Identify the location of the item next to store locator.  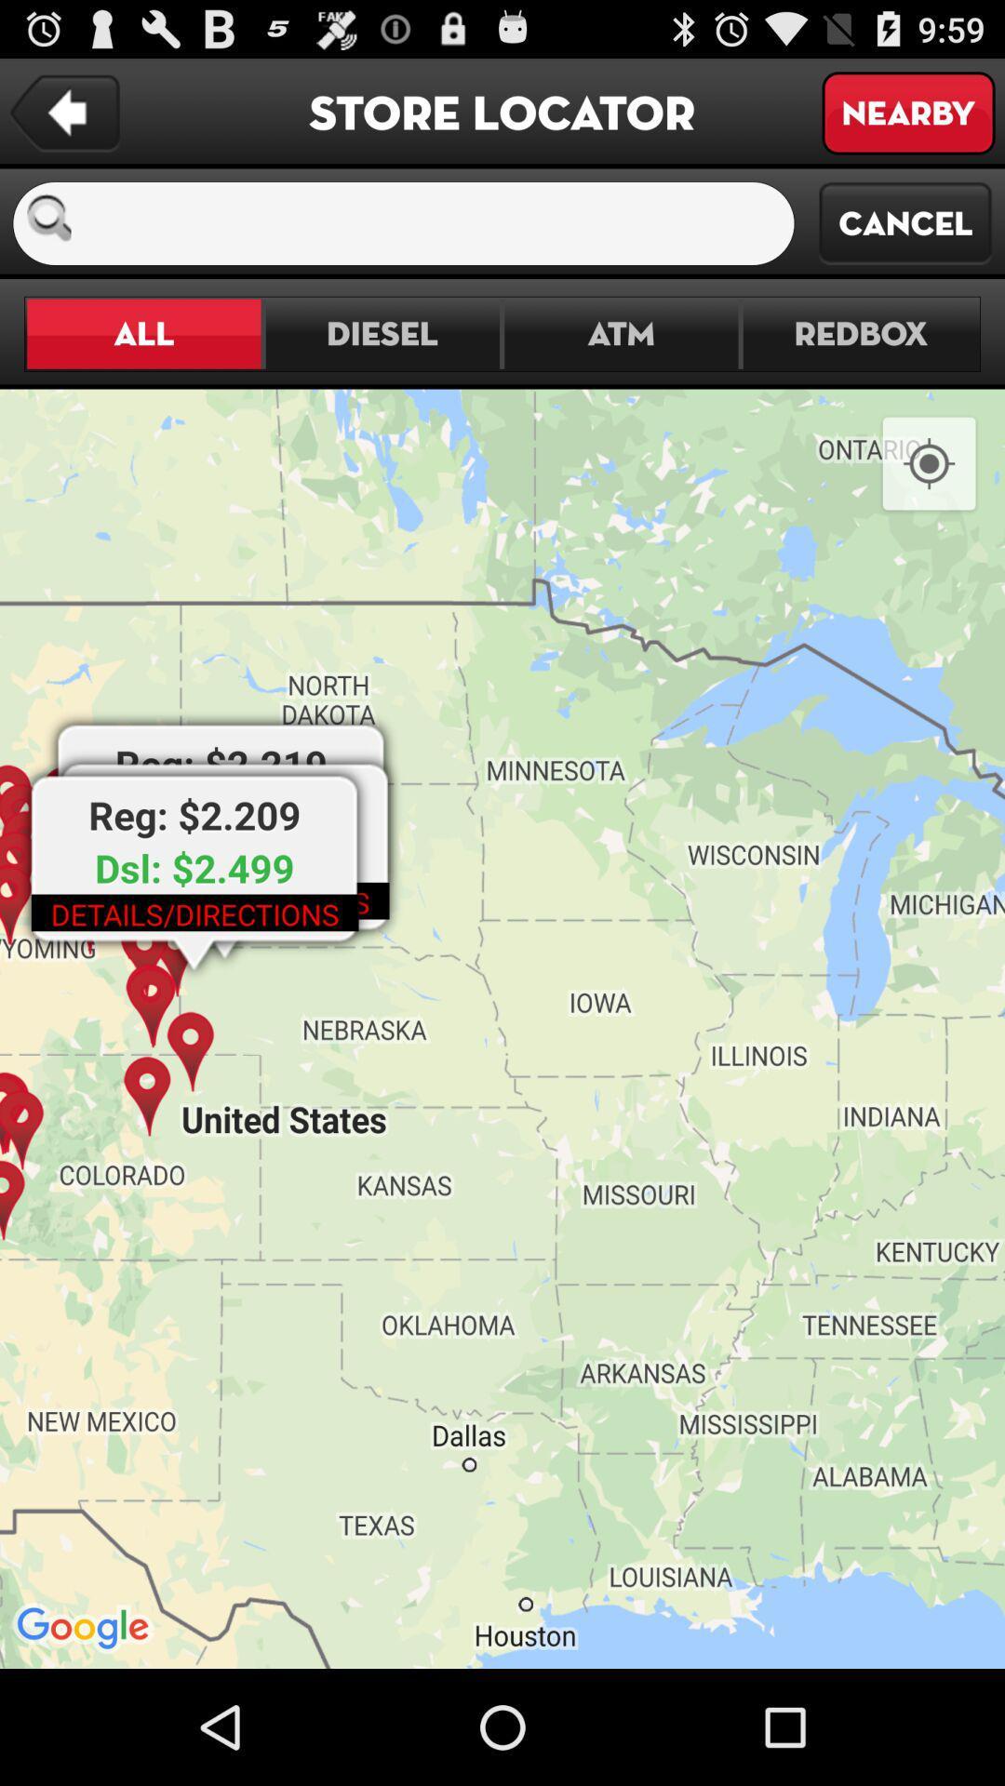
(63, 113).